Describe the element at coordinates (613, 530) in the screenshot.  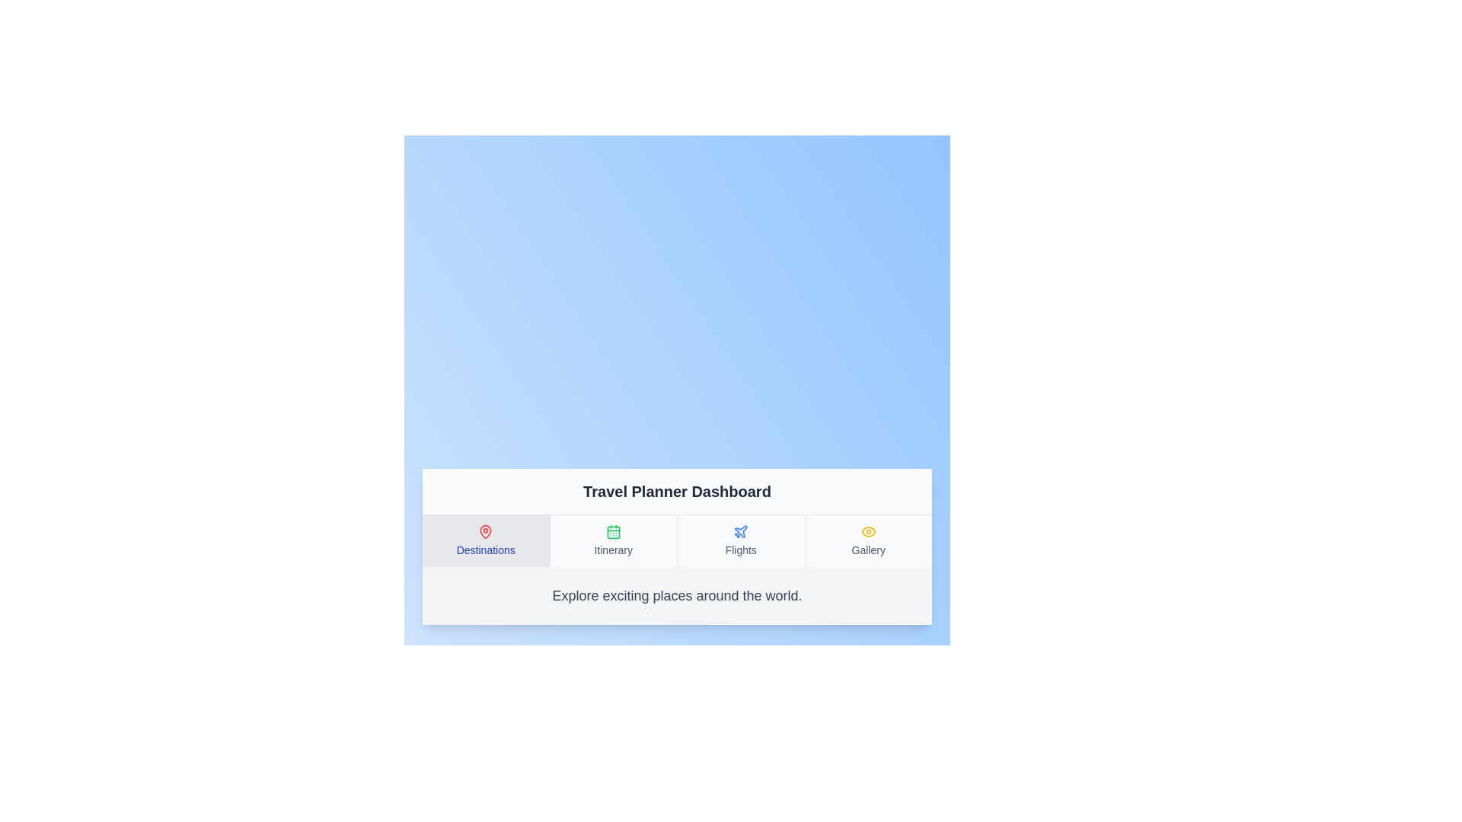
I see `the green calendar icon located below the 'Itinerary' header in the Travel Planner Dashboard` at that location.